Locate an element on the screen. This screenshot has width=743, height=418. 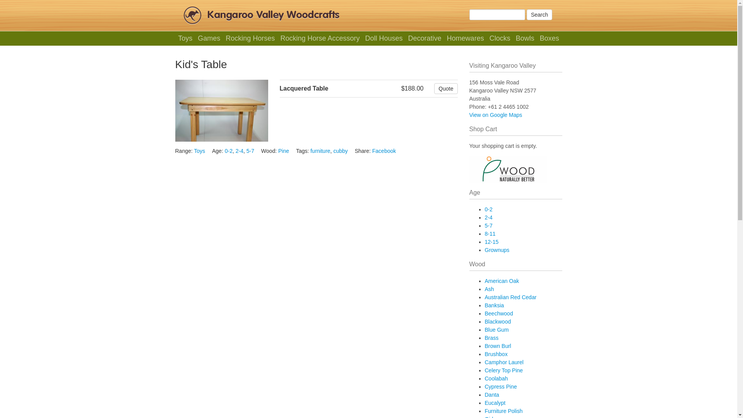
'Furniture Polish' is located at coordinates (503, 410).